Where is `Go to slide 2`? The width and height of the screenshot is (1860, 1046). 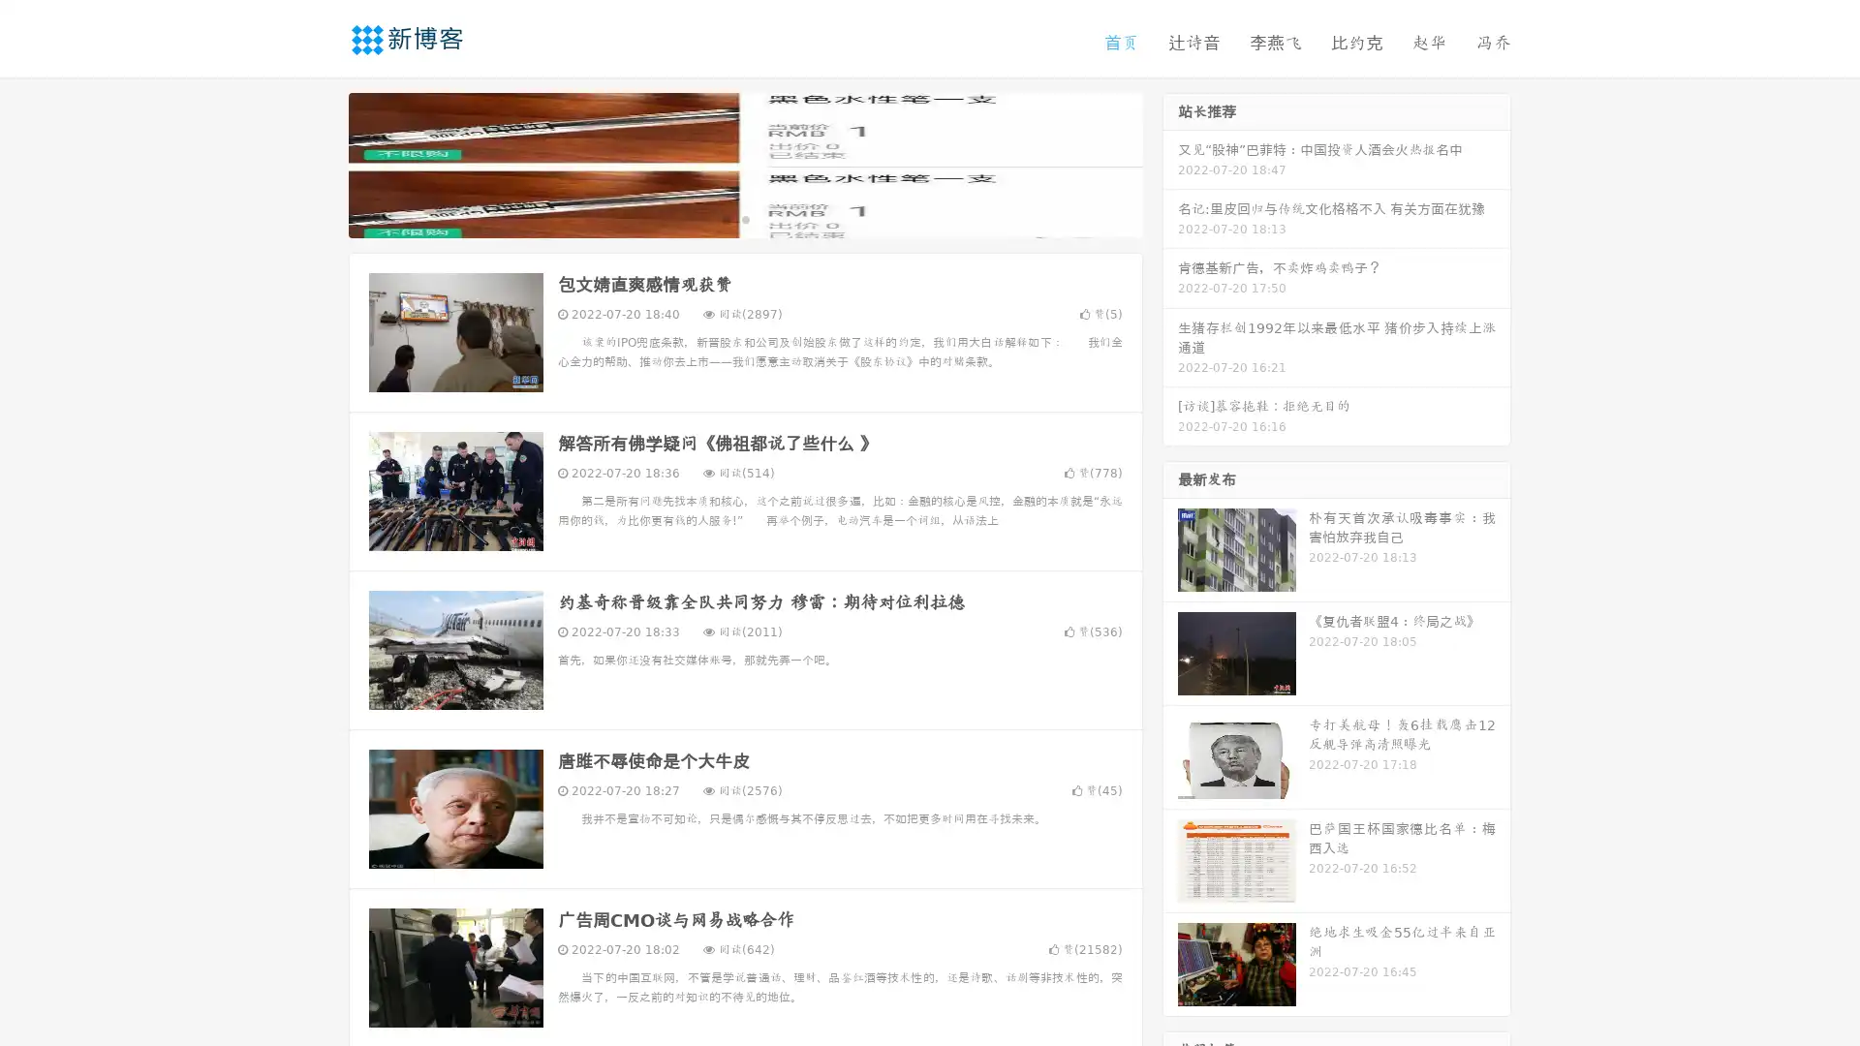 Go to slide 2 is located at coordinates (744, 218).